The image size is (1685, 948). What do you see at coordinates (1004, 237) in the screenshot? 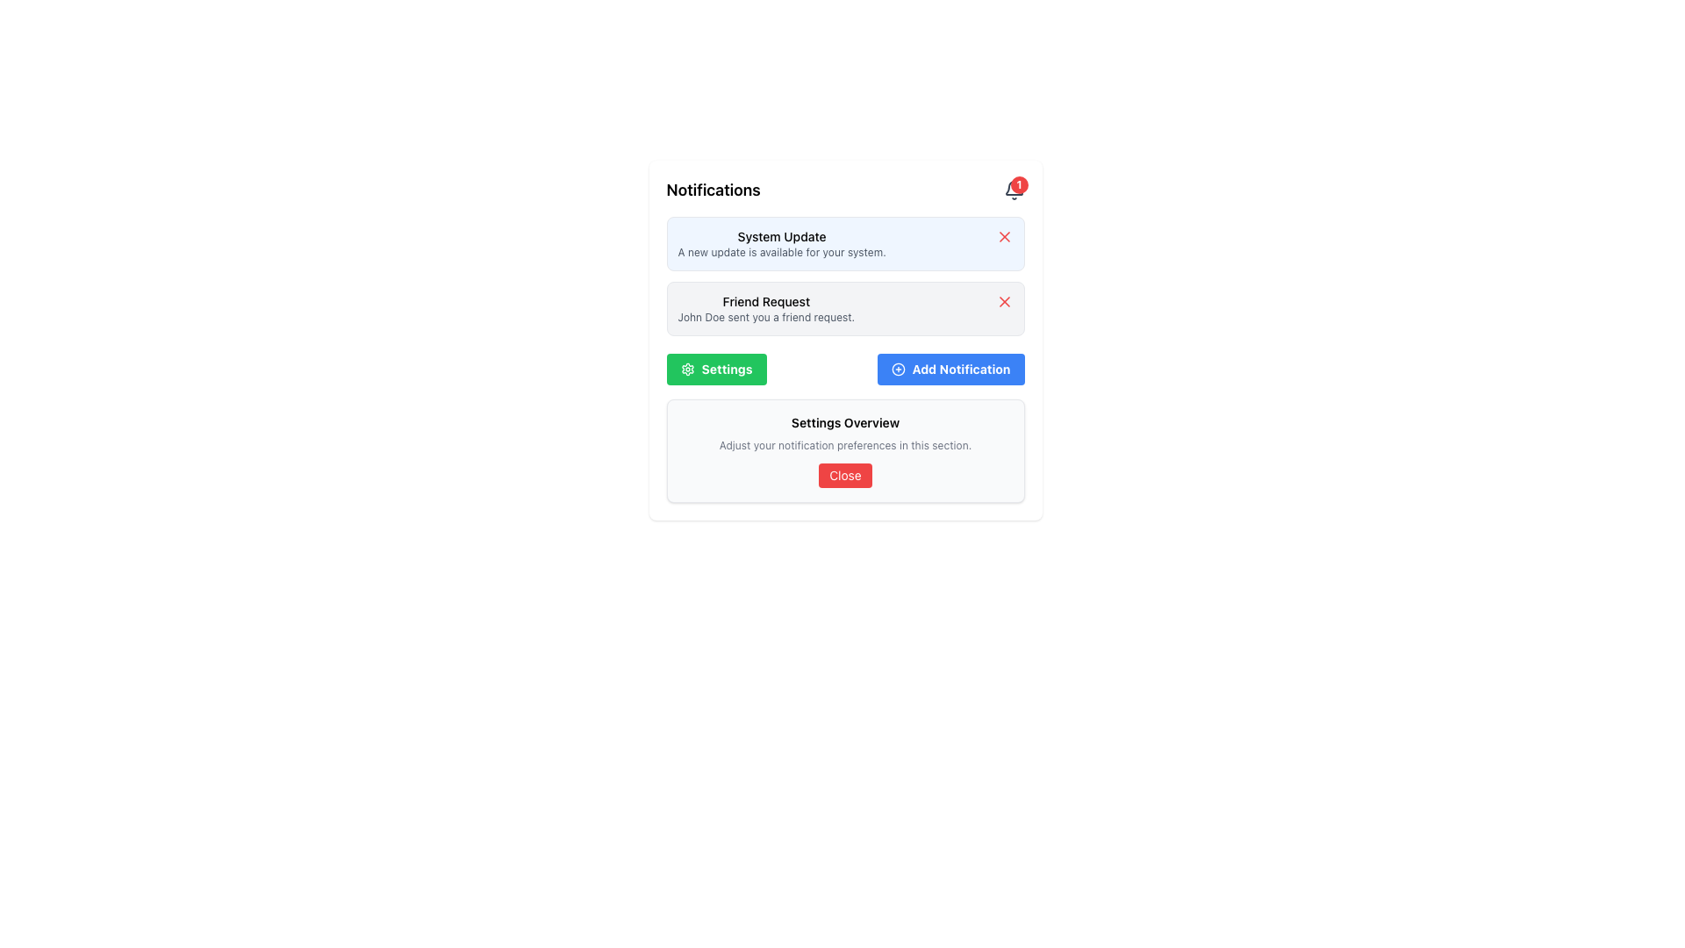
I see `the close button located at the top-right corner of the 'System Update' notification card` at bounding box center [1004, 237].